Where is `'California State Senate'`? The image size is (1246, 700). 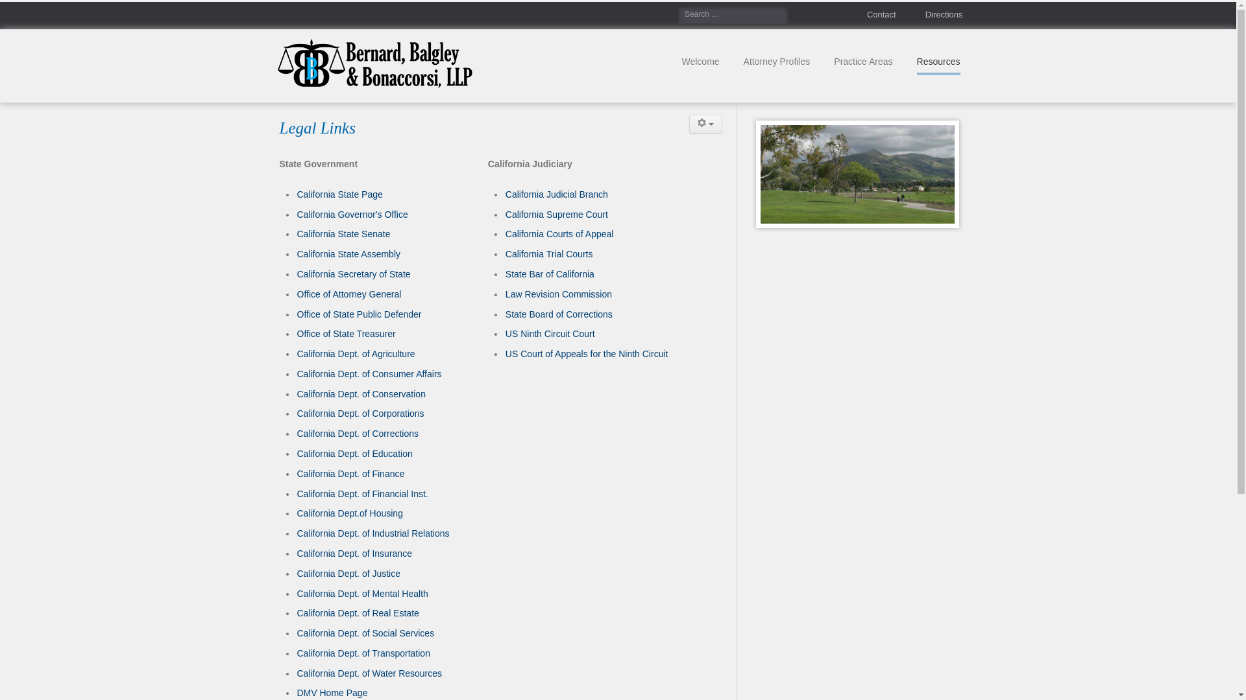
'California State Senate' is located at coordinates (343, 234).